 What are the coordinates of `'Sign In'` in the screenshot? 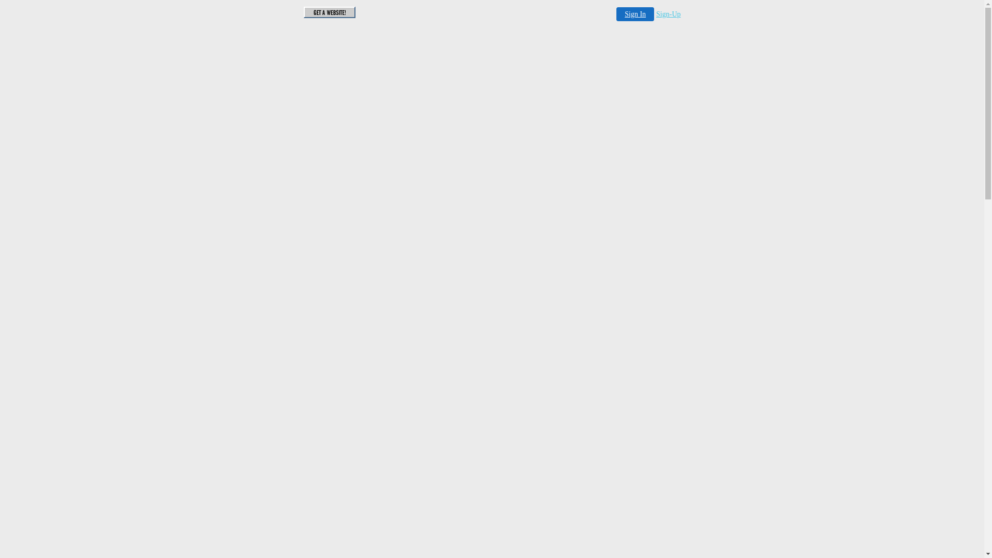 It's located at (616, 14).